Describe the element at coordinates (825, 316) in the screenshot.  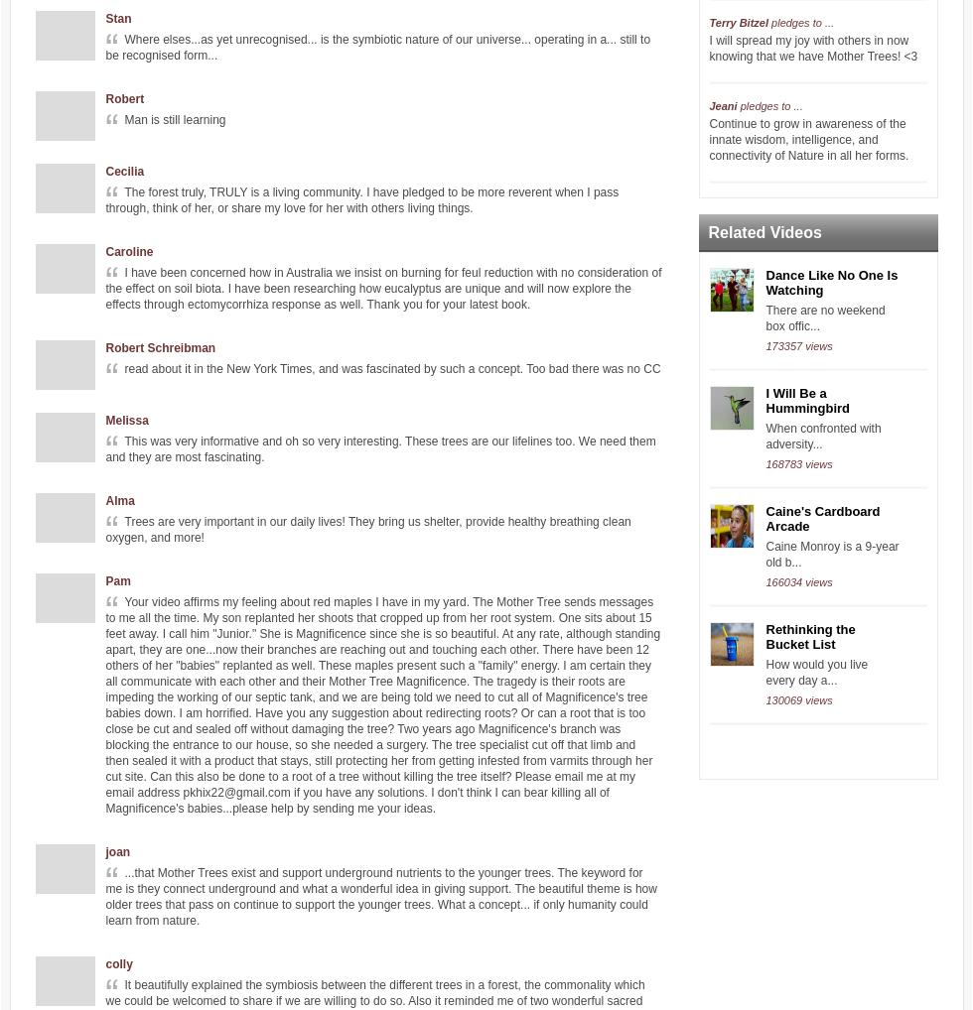
I see `'There are no weekend box offic...'` at that location.